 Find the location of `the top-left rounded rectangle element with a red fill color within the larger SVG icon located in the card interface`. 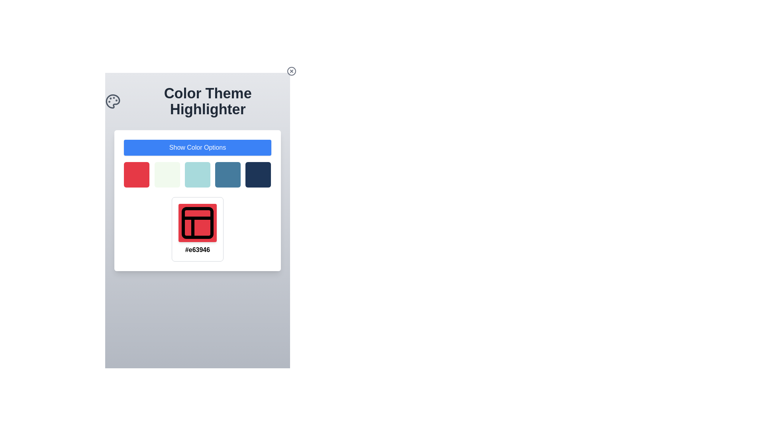

the top-left rounded rectangle element with a red fill color within the larger SVG icon located in the card interface is located at coordinates (197, 223).